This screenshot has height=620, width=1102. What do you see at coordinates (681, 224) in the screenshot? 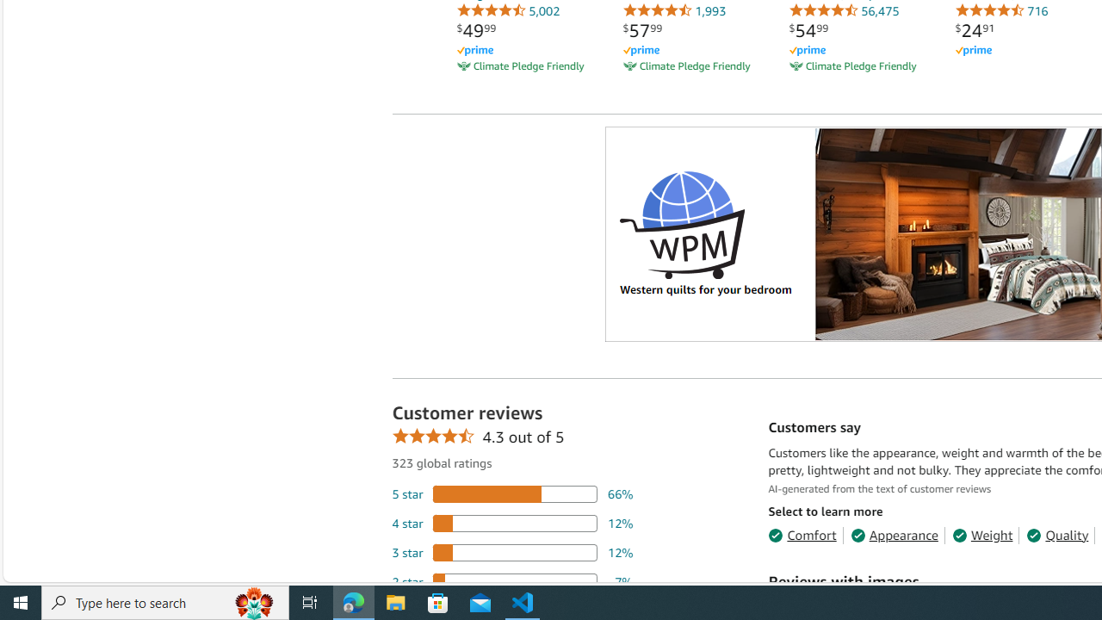
I see `'Logo'` at bounding box center [681, 224].